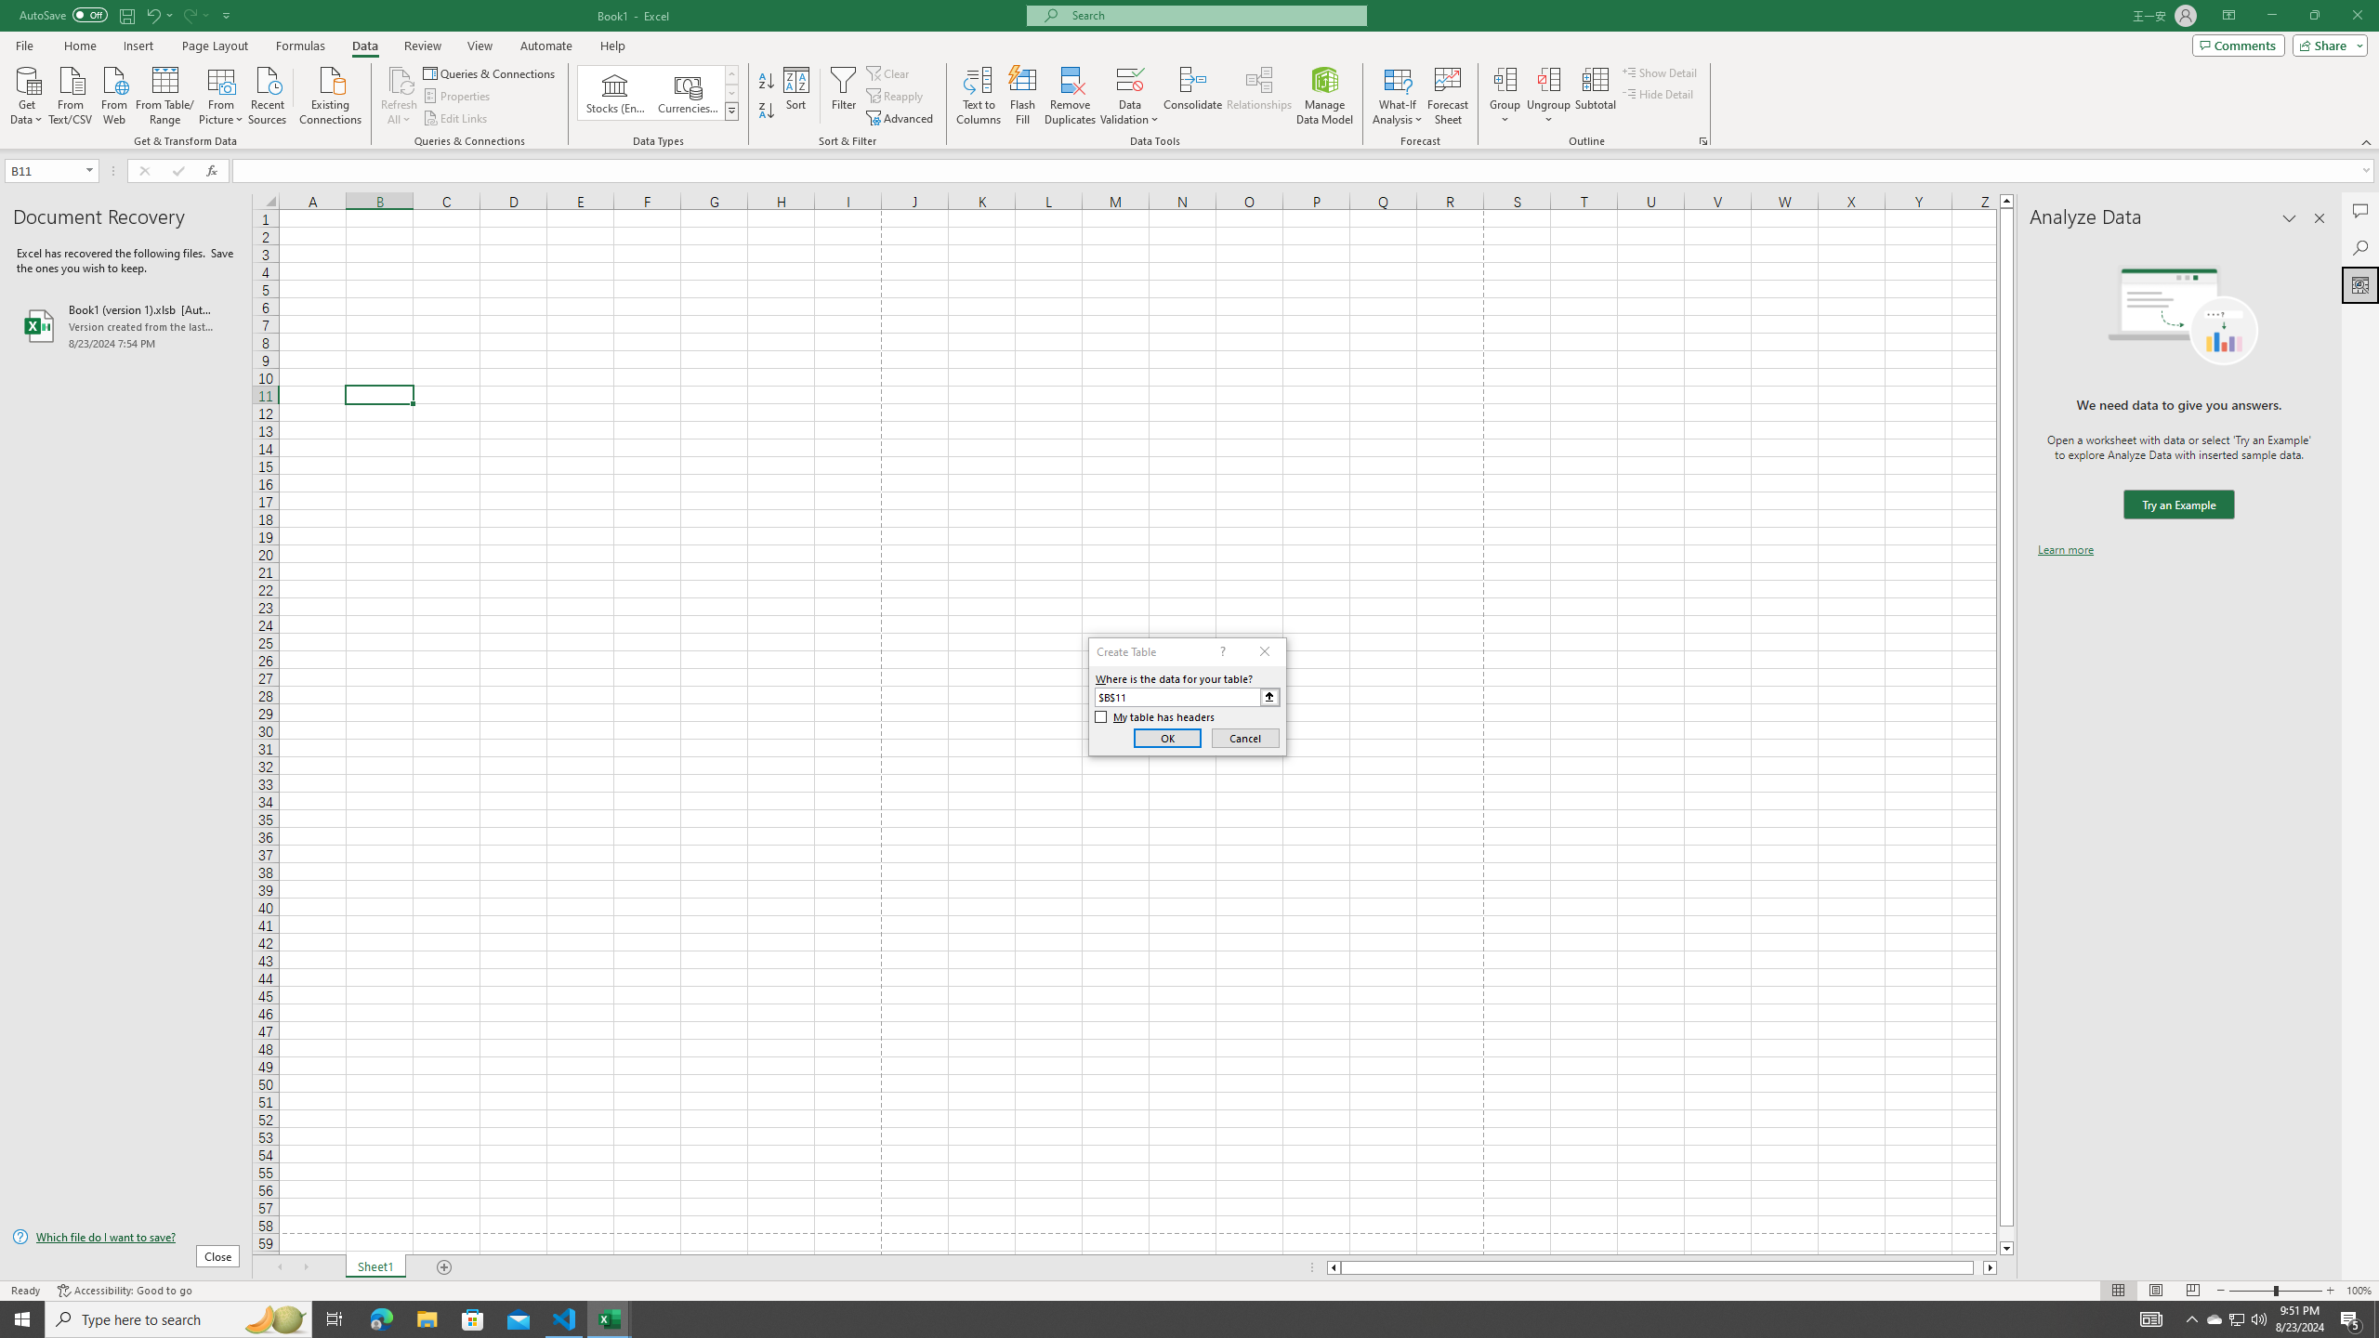 The width and height of the screenshot is (2379, 1338). Describe the element at coordinates (45, 170) in the screenshot. I see `'Name Box'` at that location.